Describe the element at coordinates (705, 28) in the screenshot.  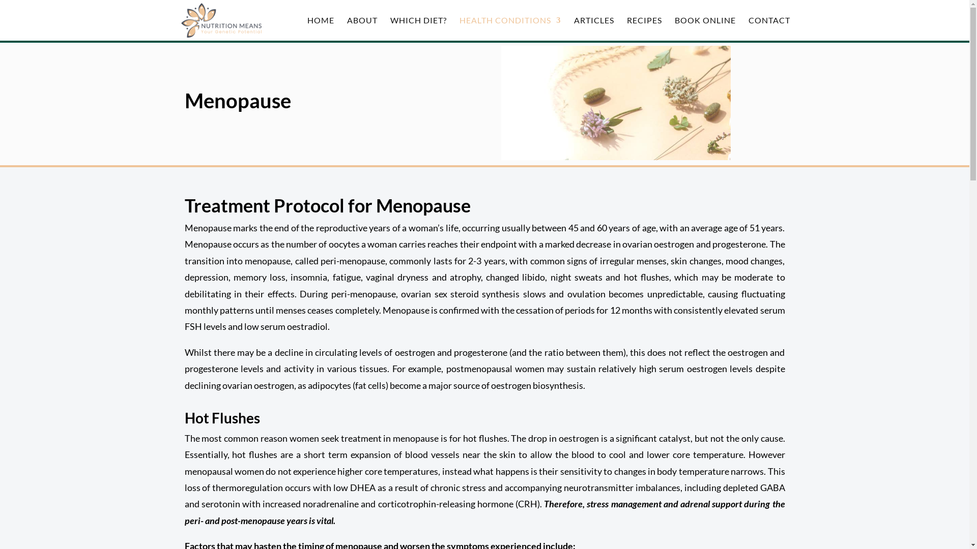
I see `'BOOK ONLINE'` at that location.